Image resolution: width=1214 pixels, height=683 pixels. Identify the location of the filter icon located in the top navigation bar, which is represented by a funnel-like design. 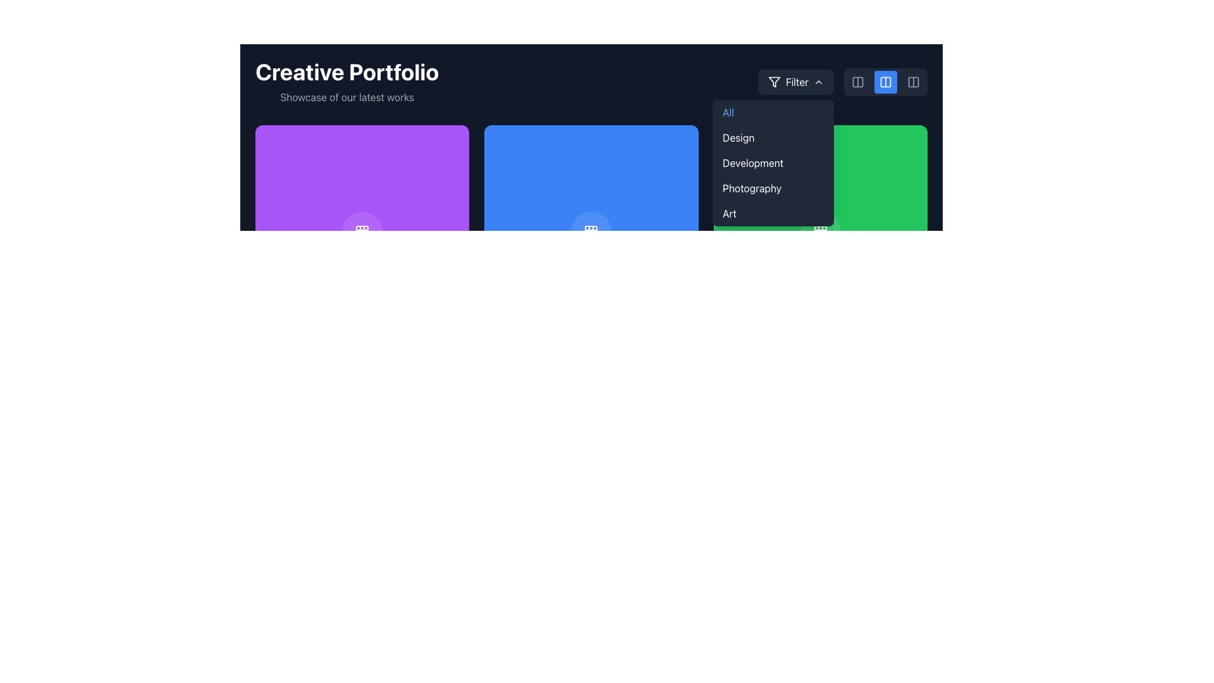
(773, 82).